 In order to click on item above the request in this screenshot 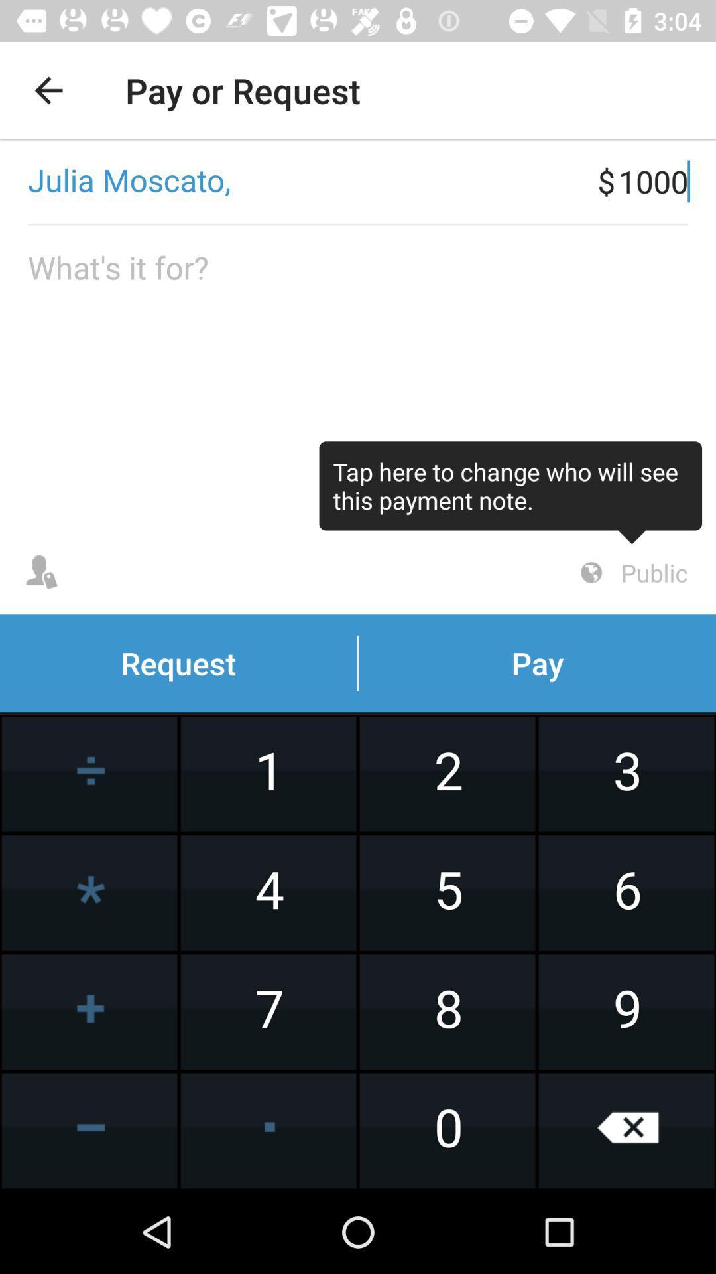, I will do `click(510, 492)`.